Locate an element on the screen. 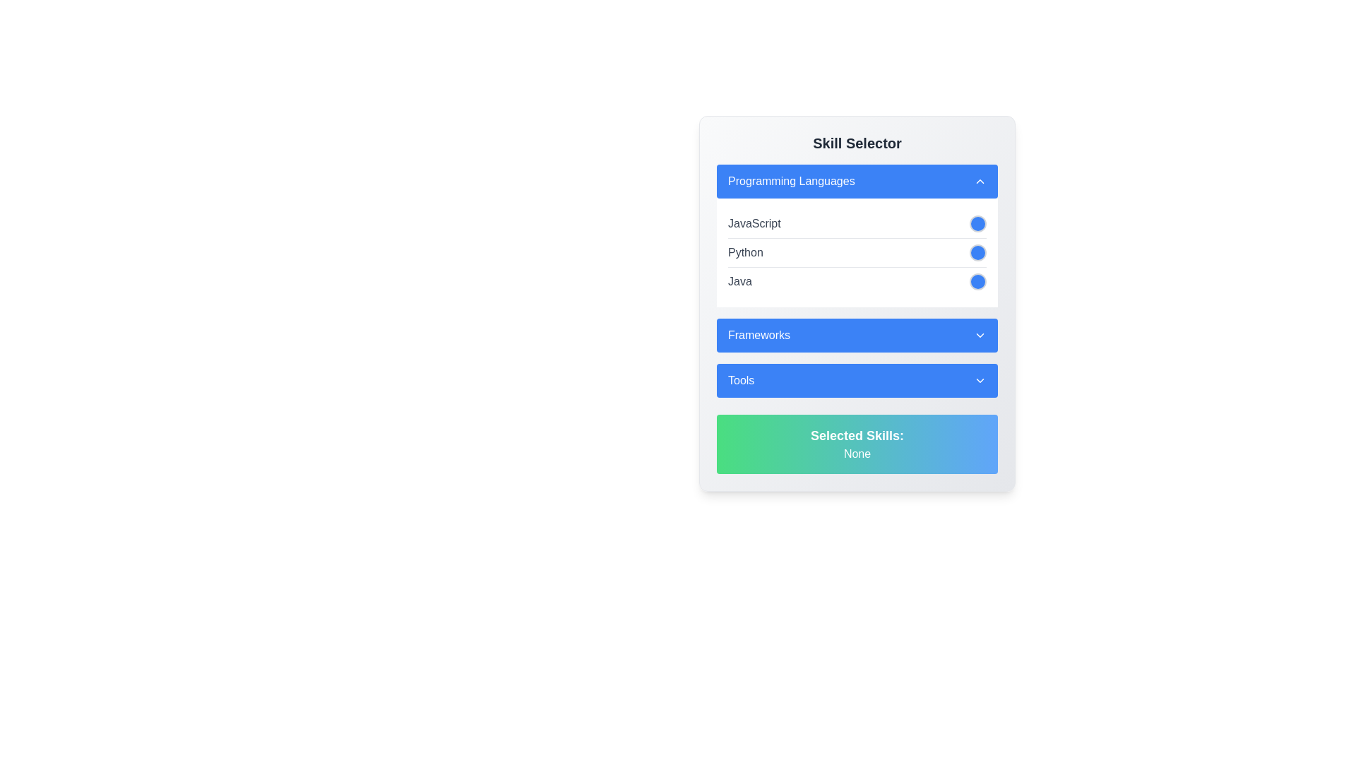 The image size is (1356, 763). the Informational display box that contains the text 'Selected Skills:' in bold and 'None' in smaller font, located below the 'Tools' section is located at coordinates (857, 443).